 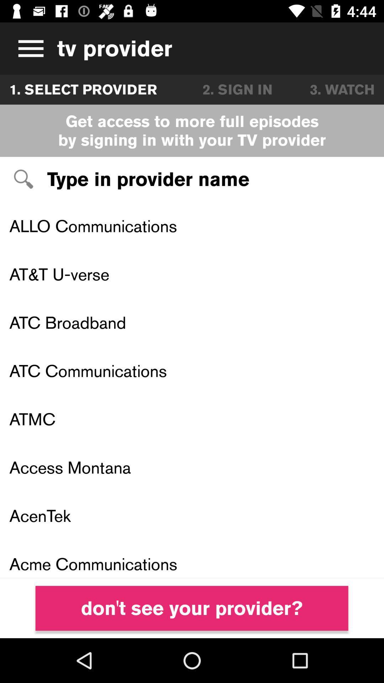 What do you see at coordinates (28, 48) in the screenshot?
I see `open menu` at bounding box center [28, 48].